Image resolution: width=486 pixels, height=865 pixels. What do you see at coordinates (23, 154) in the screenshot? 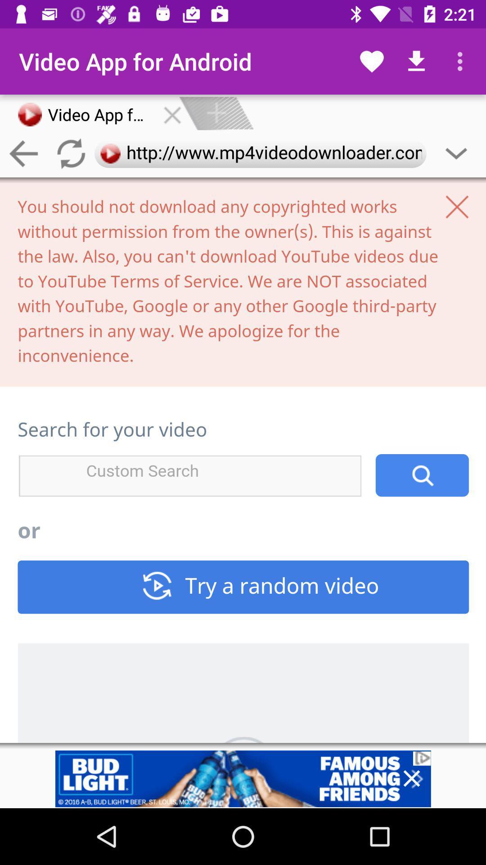
I see `the arrow_backward icon` at bounding box center [23, 154].